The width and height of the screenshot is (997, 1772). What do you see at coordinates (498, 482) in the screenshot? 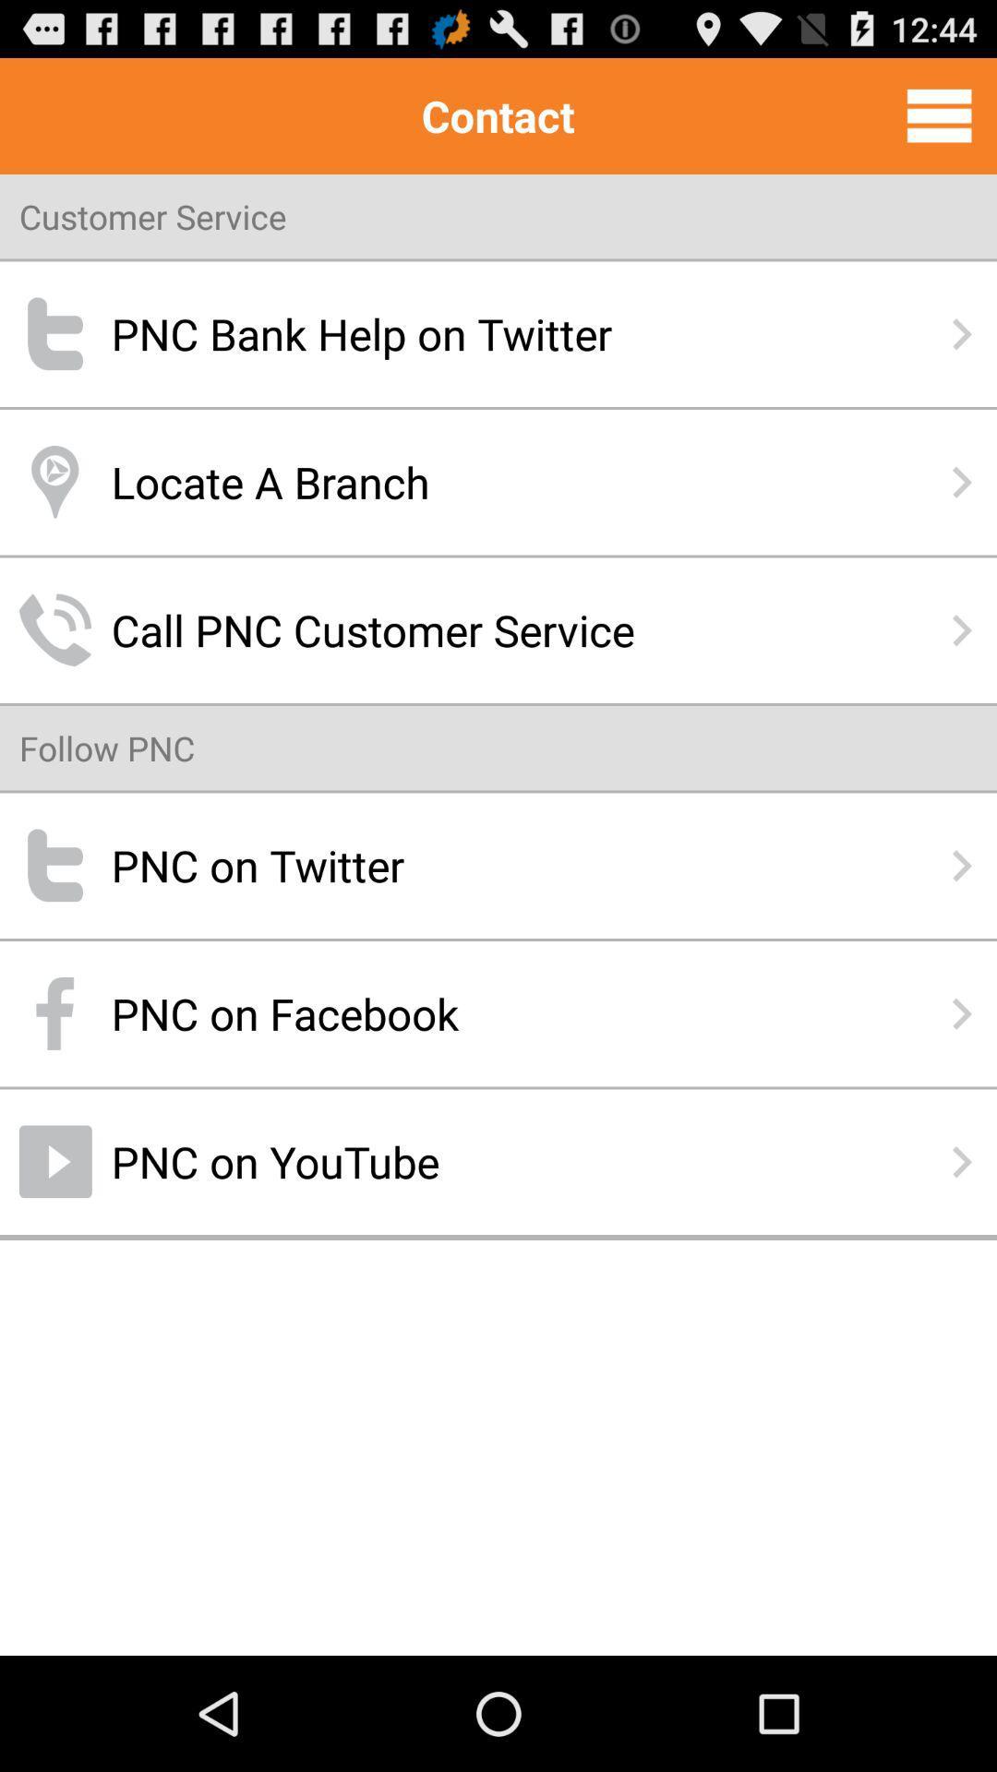
I see `locate a branch item` at bounding box center [498, 482].